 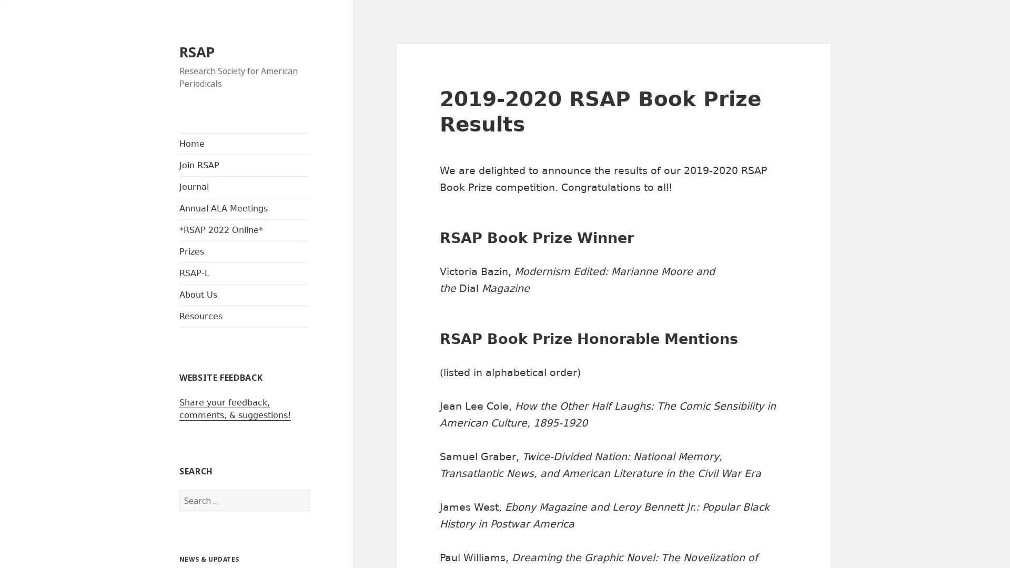 What do you see at coordinates (309, 490) in the screenshot?
I see `Search` at bounding box center [309, 490].